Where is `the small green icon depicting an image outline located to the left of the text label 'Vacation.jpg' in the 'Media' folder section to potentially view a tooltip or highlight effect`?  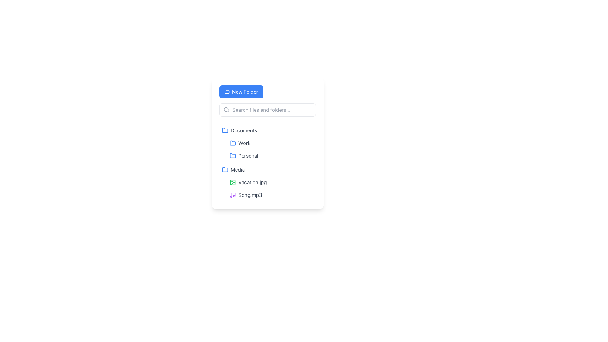
the small green icon depicting an image outline located to the left of the text label 'Vacation.jpg' in the 'Media' folder section to potentially view a tooltip or highlight effect is located at coordinates (232, 182).